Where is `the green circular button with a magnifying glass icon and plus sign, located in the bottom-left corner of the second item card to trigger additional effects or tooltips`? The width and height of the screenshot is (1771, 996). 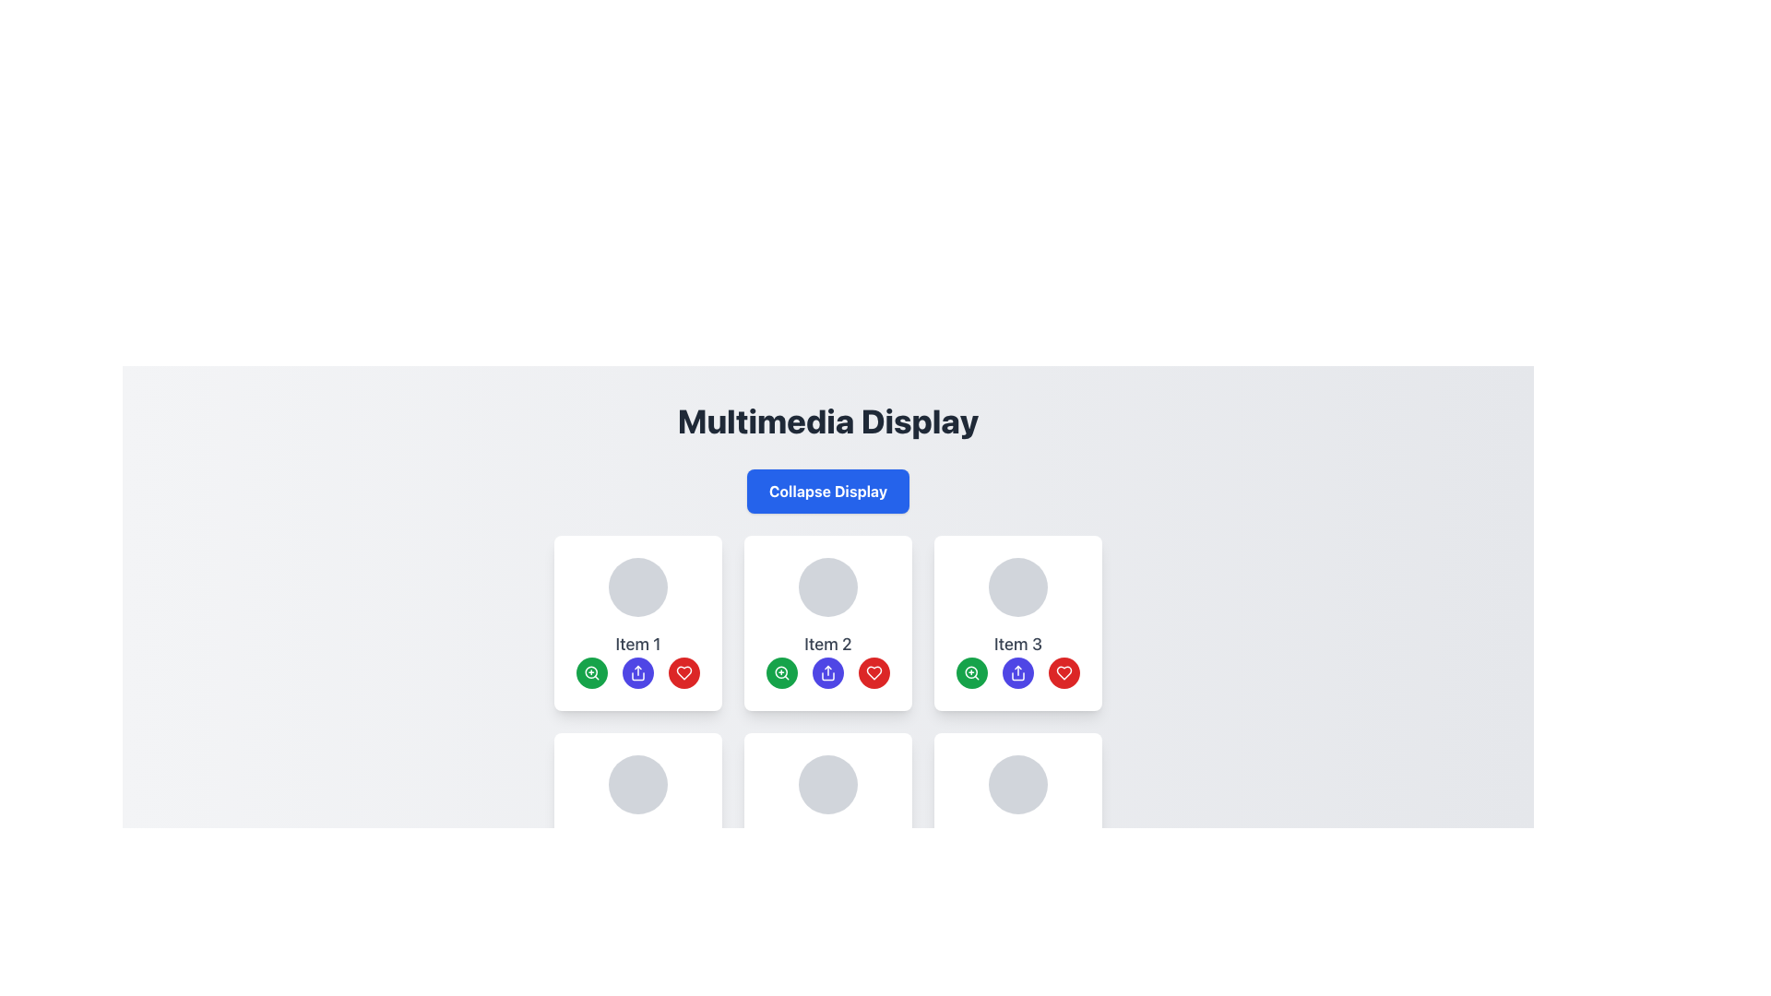
the green circular button with a magnifying glass icon and plus sign, located in the bottom-left corner of the second item card to trigger additional effects or tooltips is located at coordinates (782, 672).